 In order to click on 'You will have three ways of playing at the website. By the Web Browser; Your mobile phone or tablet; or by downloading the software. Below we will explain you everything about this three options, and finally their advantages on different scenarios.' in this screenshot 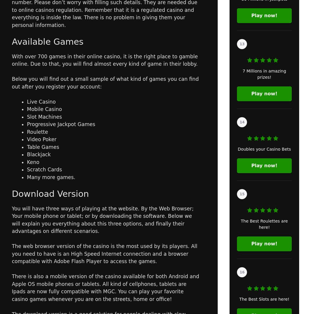, I will do `click(102, 220)`.